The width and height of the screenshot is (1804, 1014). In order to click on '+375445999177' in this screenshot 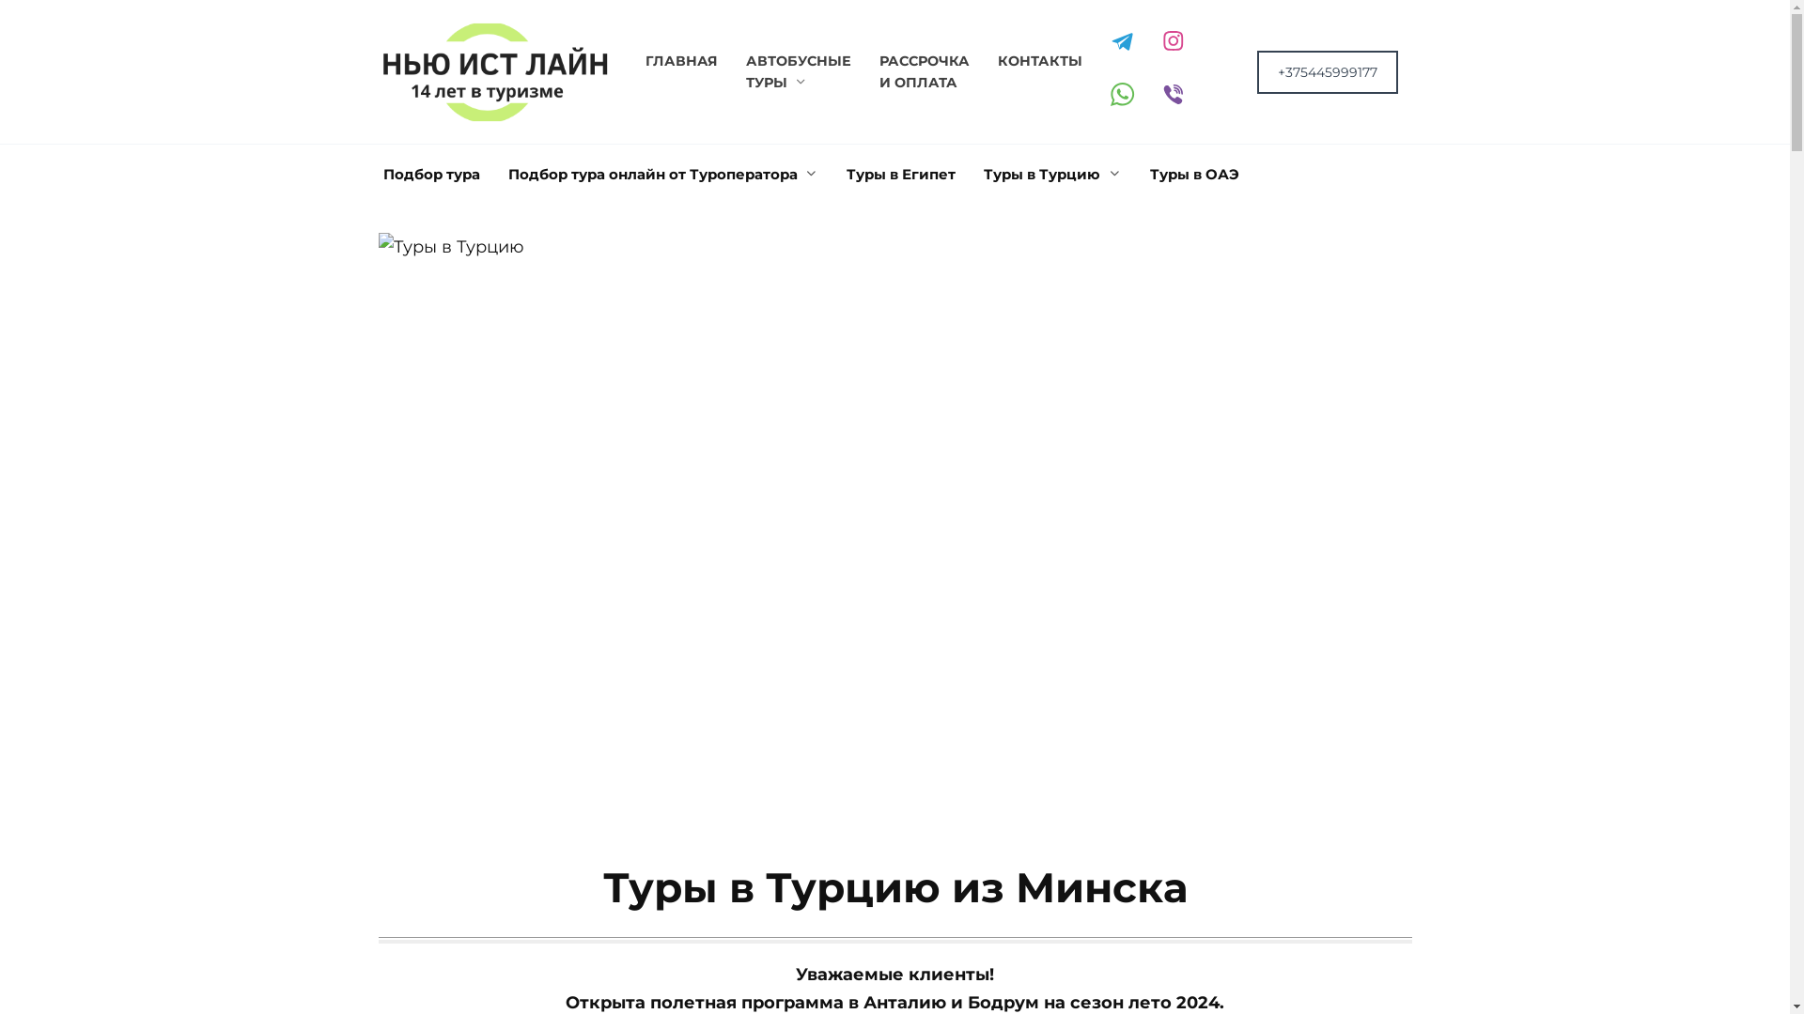, I will do `click(1257, 71)`.